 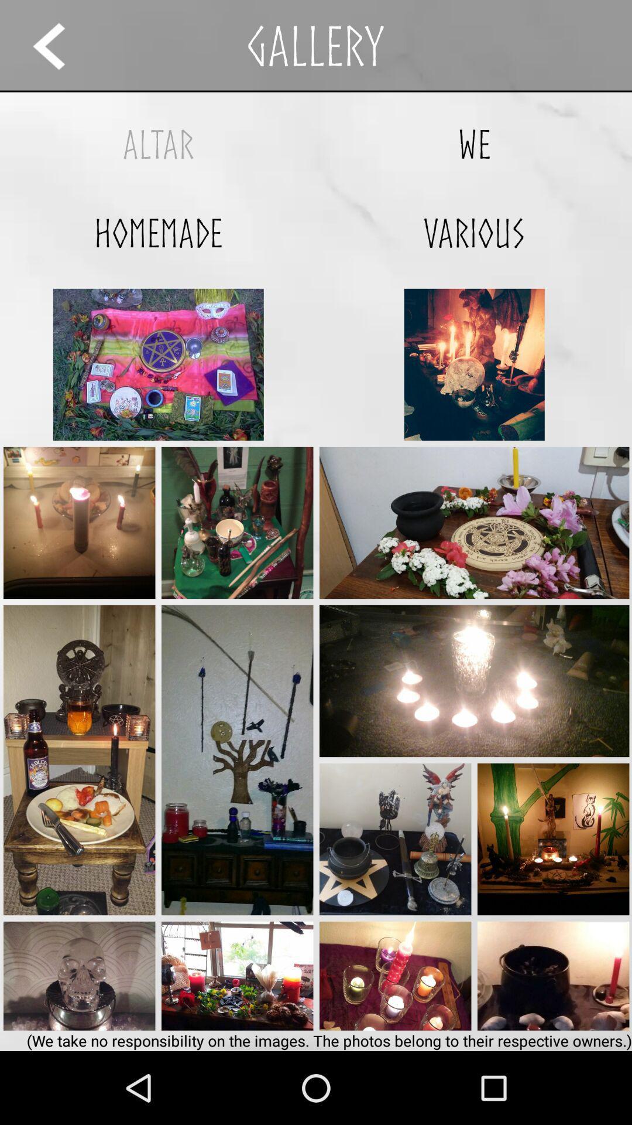 What do you see at coordinates (158, 233) in the screenshot?
I see `homemade icon` at bounding box center [158, 233].